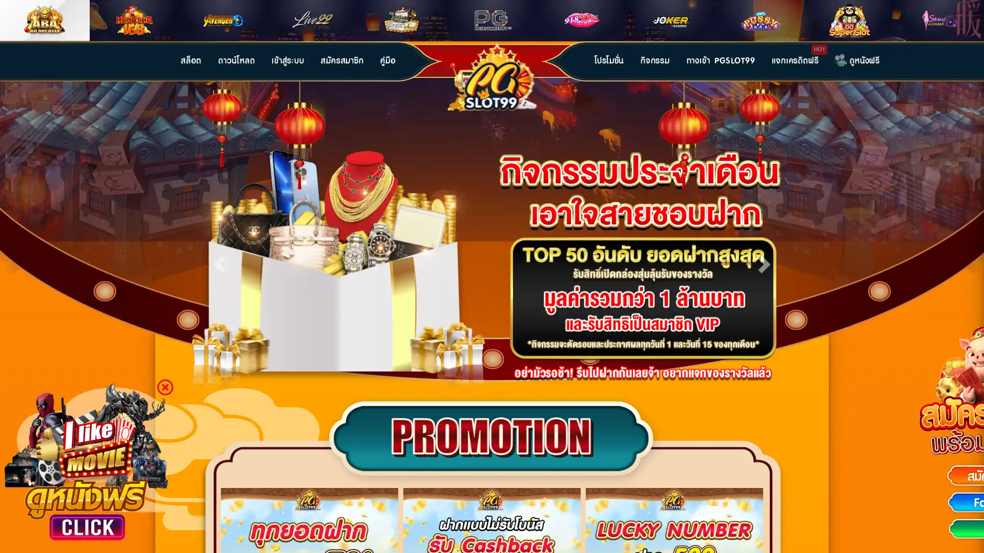  I want to click on Previous, so click(219, 262).